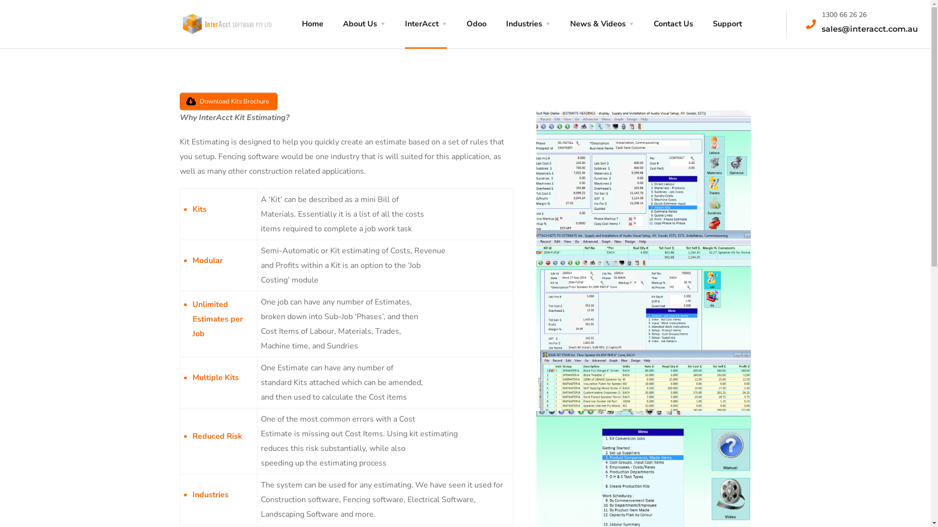 Image resolution: width=938 pixels, height=527 pixels. I want to click on 'About Us', so click(363, 23).